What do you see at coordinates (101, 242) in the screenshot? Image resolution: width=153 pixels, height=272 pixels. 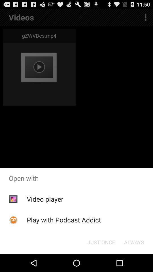 I see `icon below the play with podcast item` at bounding box center [101, 242].